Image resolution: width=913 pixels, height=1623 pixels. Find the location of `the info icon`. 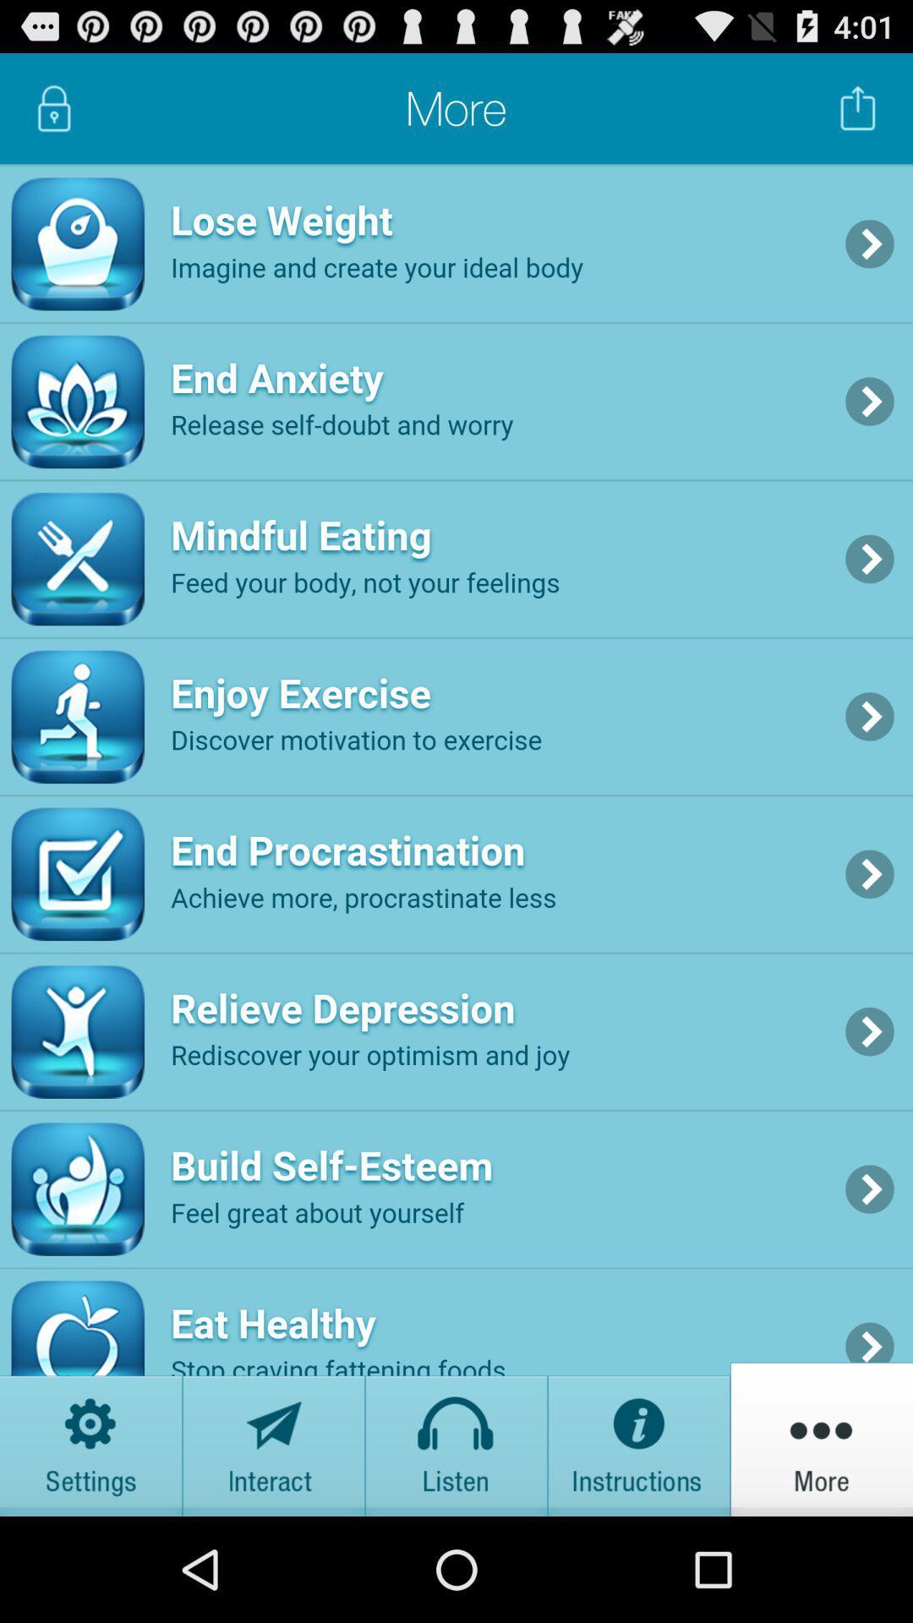

the info icon is located at coordinates (639, 1539).